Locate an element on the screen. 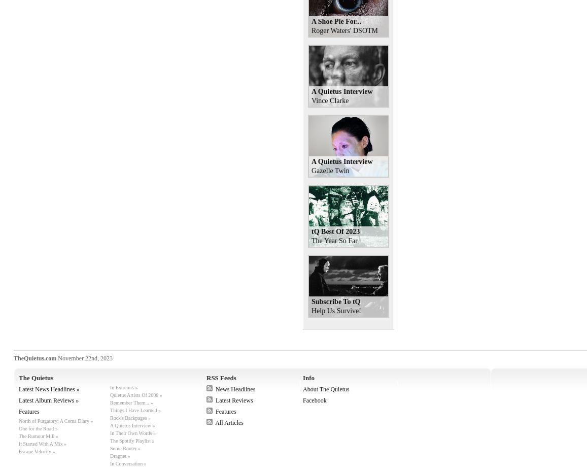 The image size is (587, 469). 'News Headlines' is located at coordinates (213, 389).